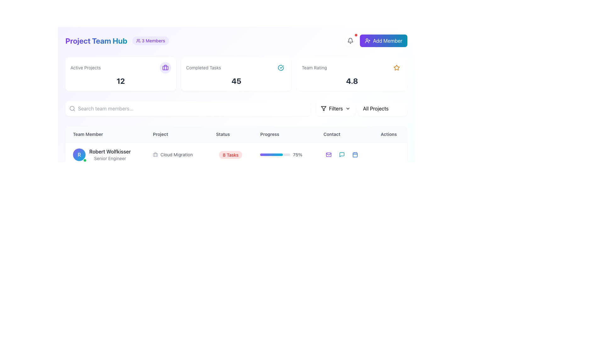 The image size is (604, 339). What do you see at coordinates (110, 158) in the screenshot?
I see `the text label displaying 'Senior Engineer' located beneath 'Robert Wolfkisser' in the 'Team Member' column of the team member details table` at bounding box center [110, 158].